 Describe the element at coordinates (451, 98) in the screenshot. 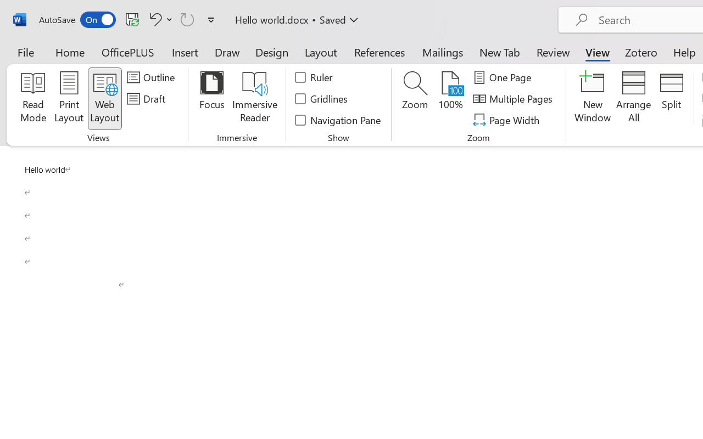

I see `'100%'` at that location.